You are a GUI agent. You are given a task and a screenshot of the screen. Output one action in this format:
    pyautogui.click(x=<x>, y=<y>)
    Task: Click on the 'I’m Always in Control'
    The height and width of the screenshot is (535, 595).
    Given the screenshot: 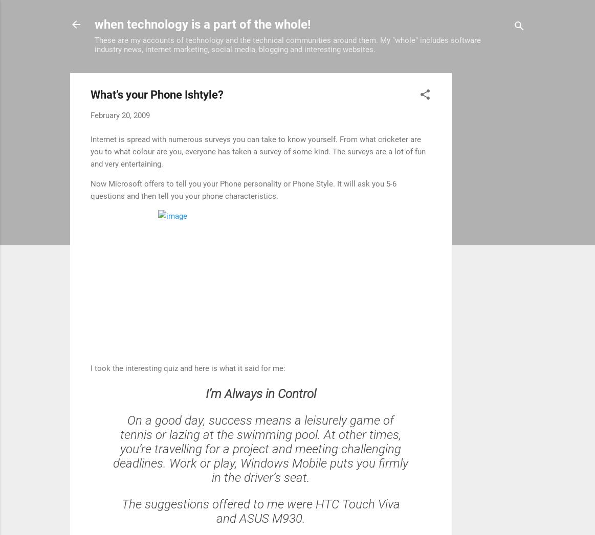 What is the action you would take?
    pyautogui.click(x=260, y=392)
    